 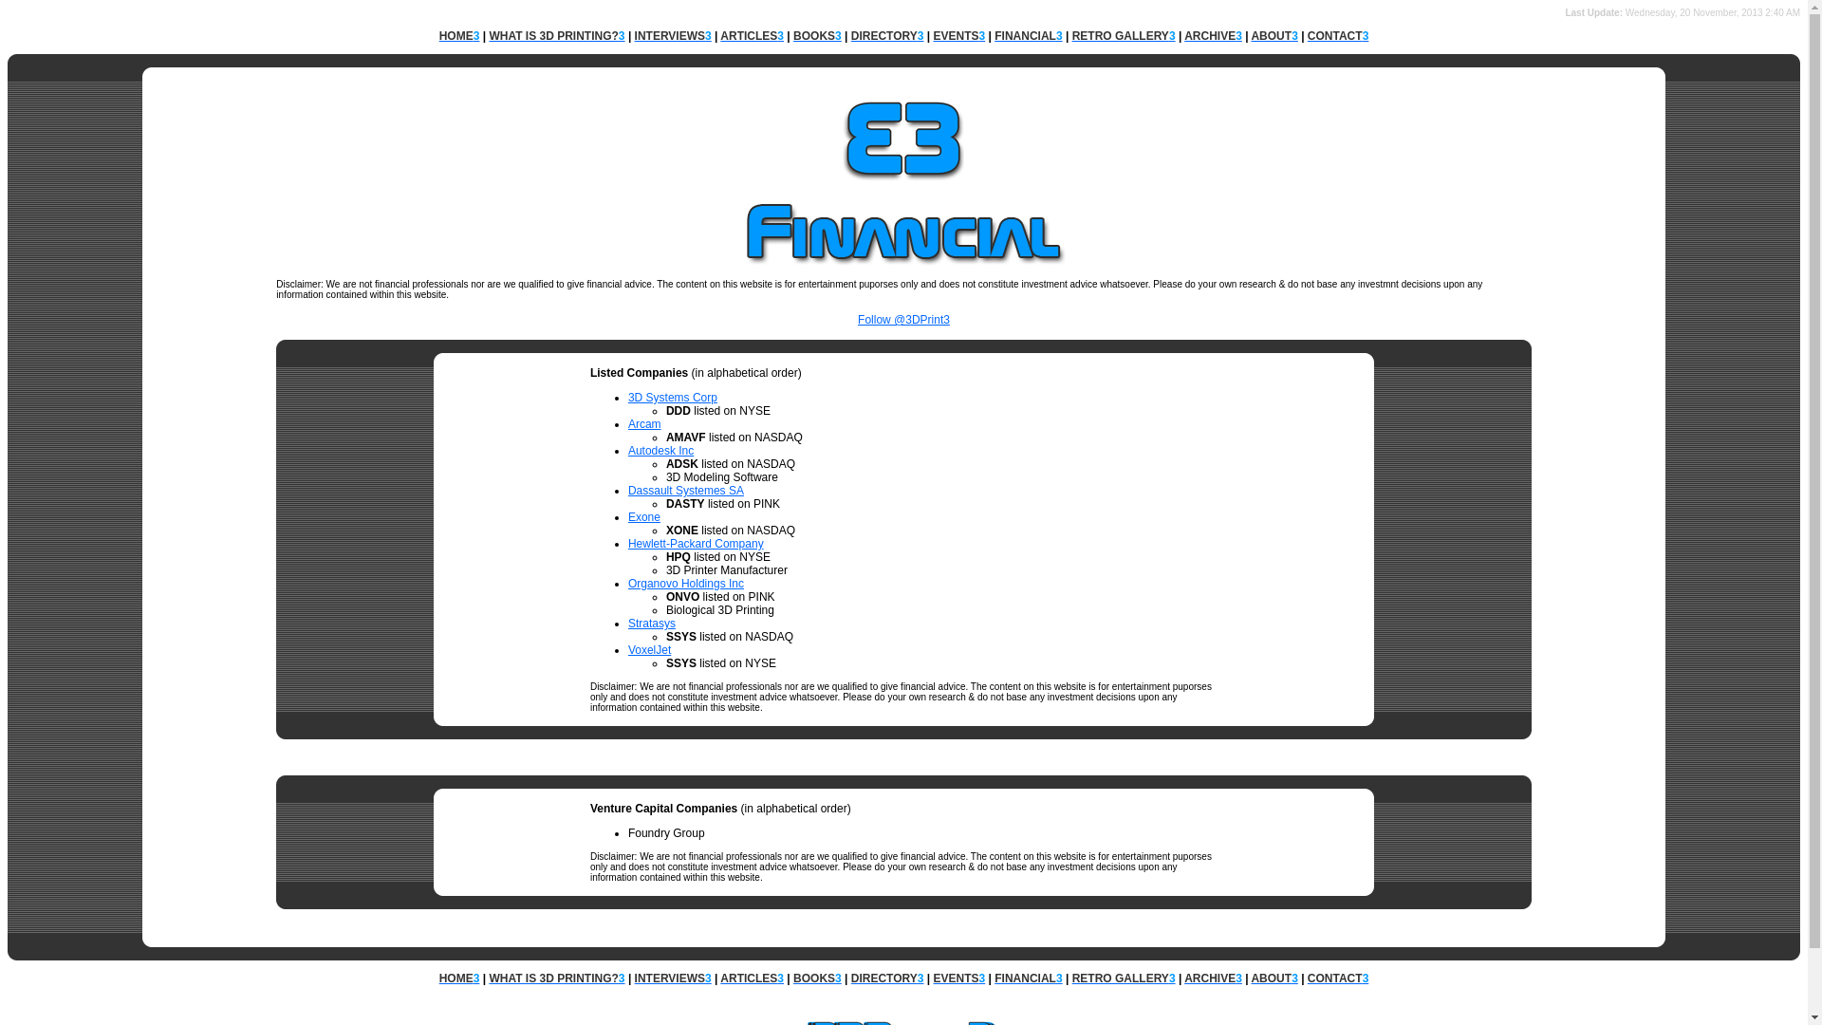 What do you see at coordinates (673, 36) in the screenshot?
I see `'INTERVIEWS3'` at bounding box center [673, 36].